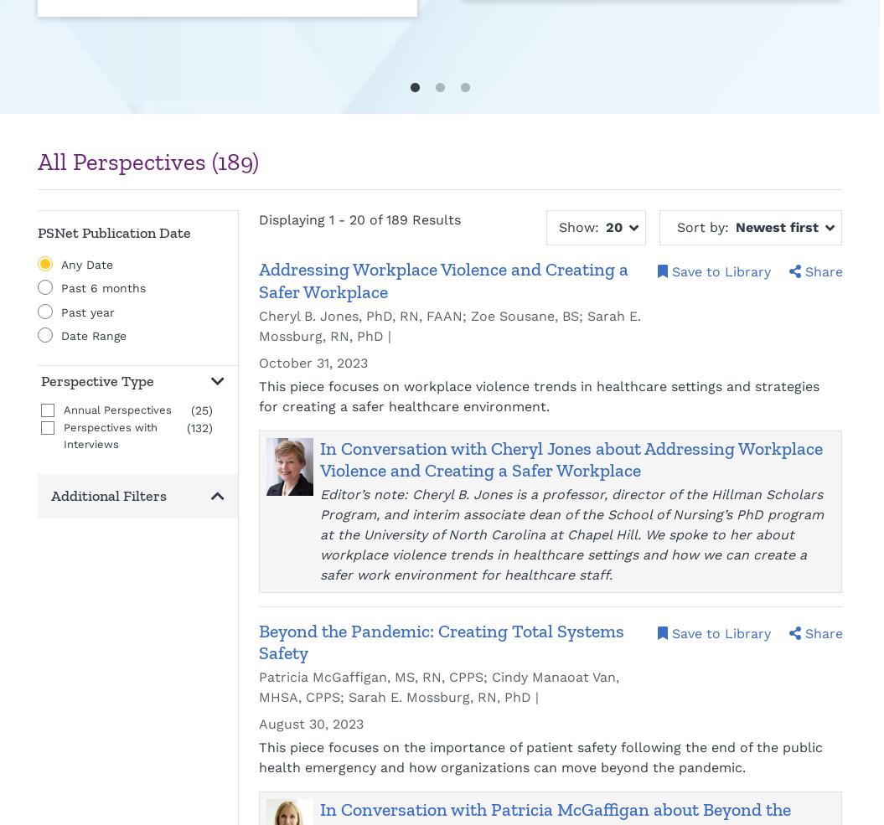 The width and height of the screenshot is (884, 825). What do you see at coordinates (735, 226) in the screenshot?
I see `'Newest first'` at bounding box center [735, 226].